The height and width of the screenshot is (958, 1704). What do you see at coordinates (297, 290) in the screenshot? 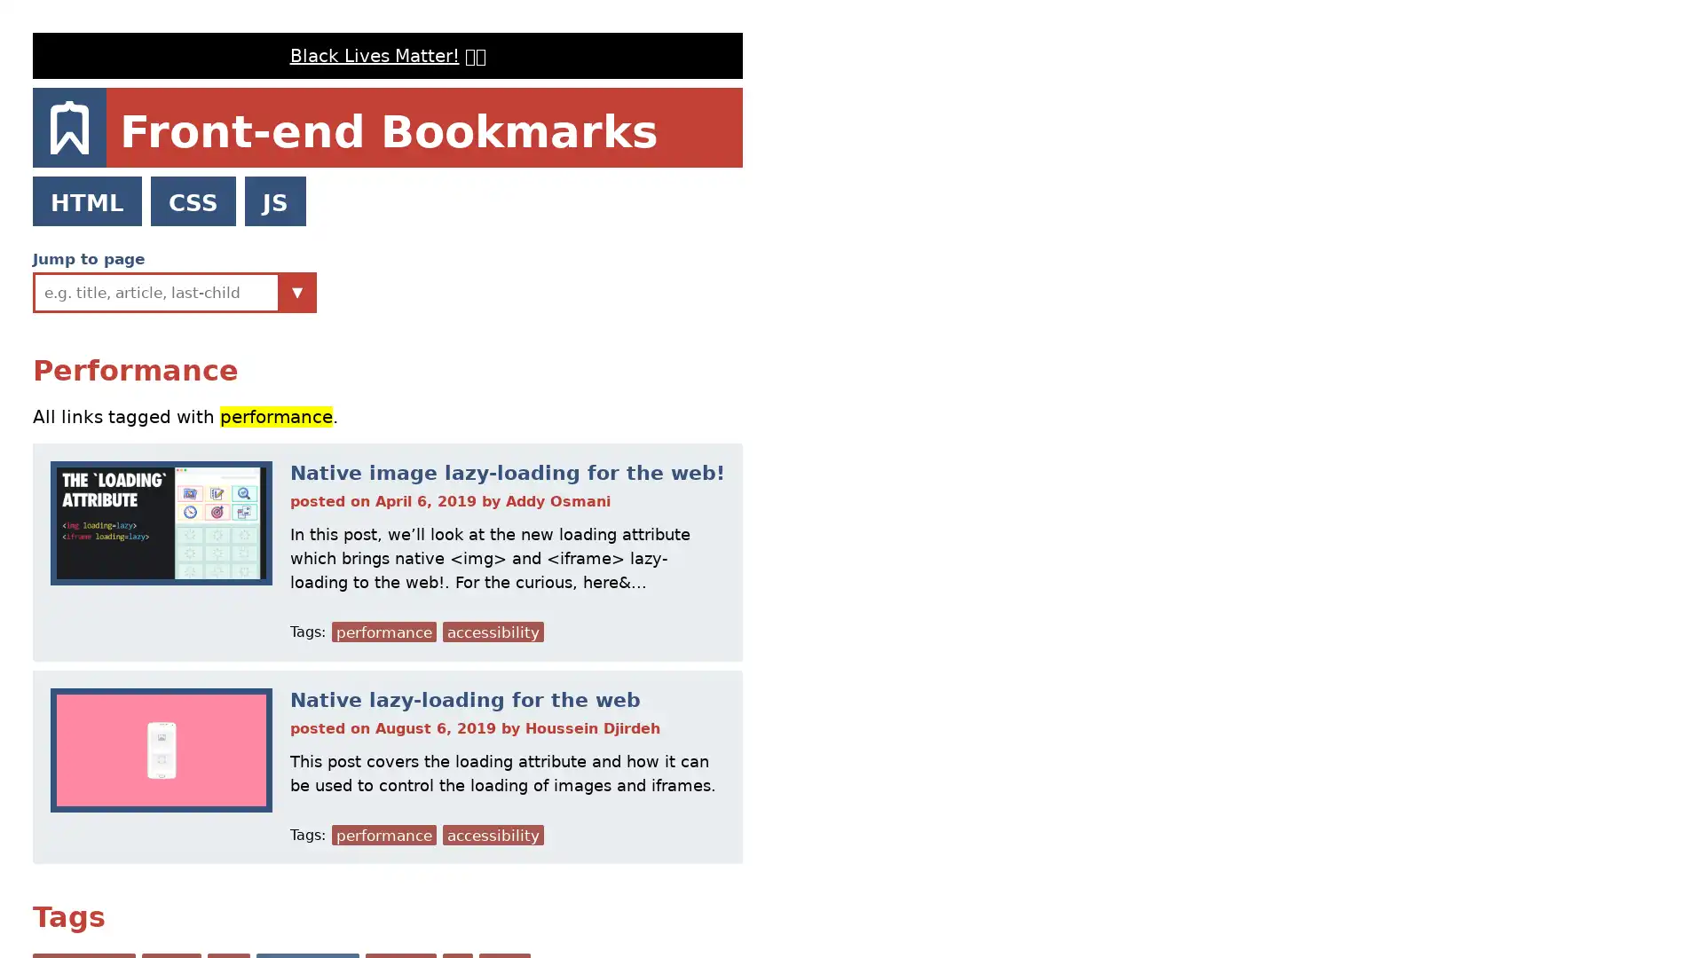
I see `Open` at bounding box center [297, 290].